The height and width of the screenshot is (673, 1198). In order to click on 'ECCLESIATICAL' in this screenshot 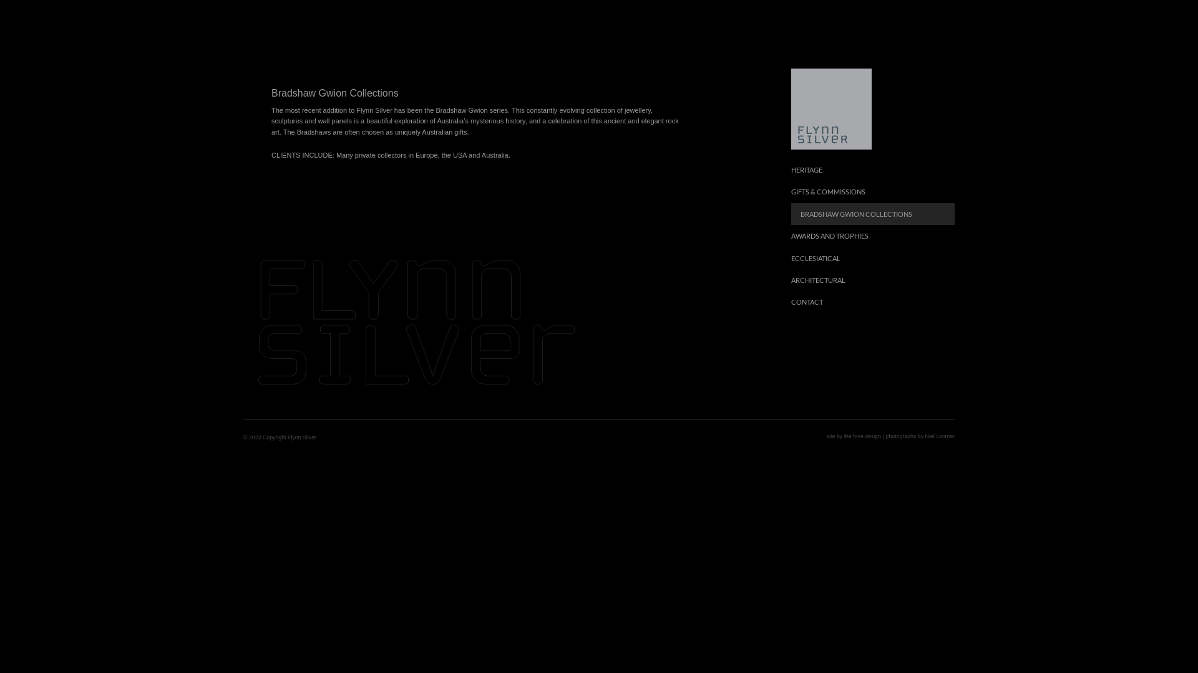, I will do `click(872, 257)`.